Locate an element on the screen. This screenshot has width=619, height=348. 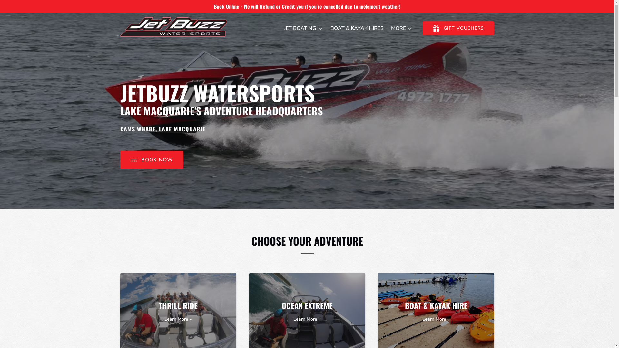
'Skip to footer' is located at coordinates (19, 7).